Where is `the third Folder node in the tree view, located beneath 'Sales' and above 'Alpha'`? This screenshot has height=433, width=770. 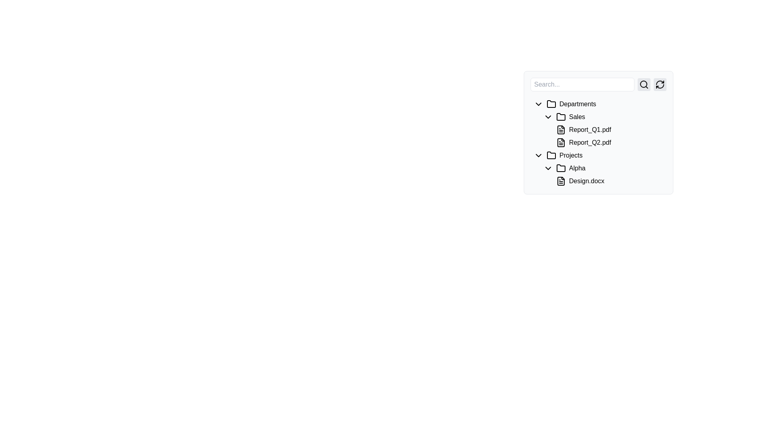 the third Folder node in the tree view, located beneath 'Sales' and above 'Alpha' is located at coordinates (598, 156).